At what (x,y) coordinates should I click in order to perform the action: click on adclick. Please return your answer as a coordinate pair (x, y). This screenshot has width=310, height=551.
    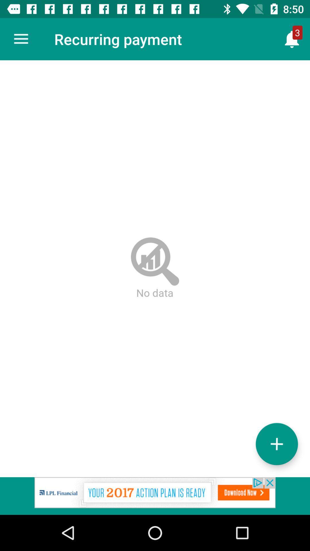
    Looking at the image, I should click on (155, 496).